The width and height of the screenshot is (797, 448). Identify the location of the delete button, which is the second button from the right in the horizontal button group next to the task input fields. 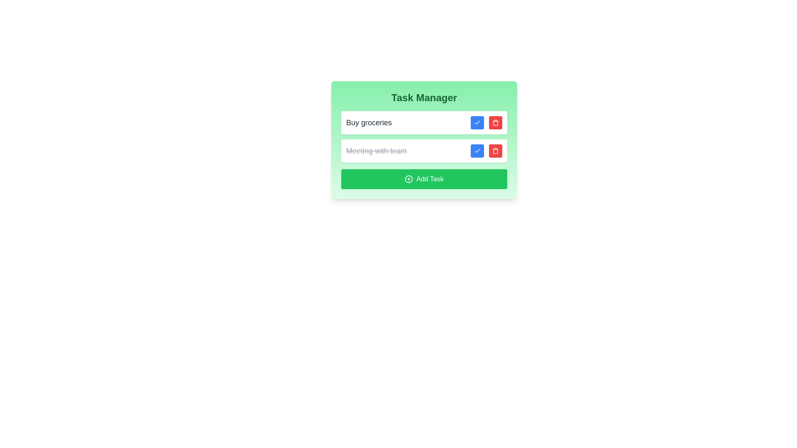
(496, 123).